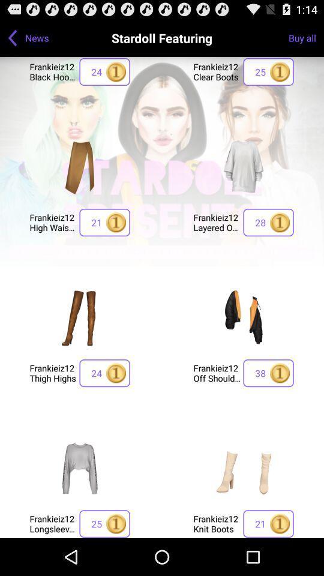  Describe the element at coordinates (243, 467) in the screenshot. I see `frankieiz12 knit boots` at that location.